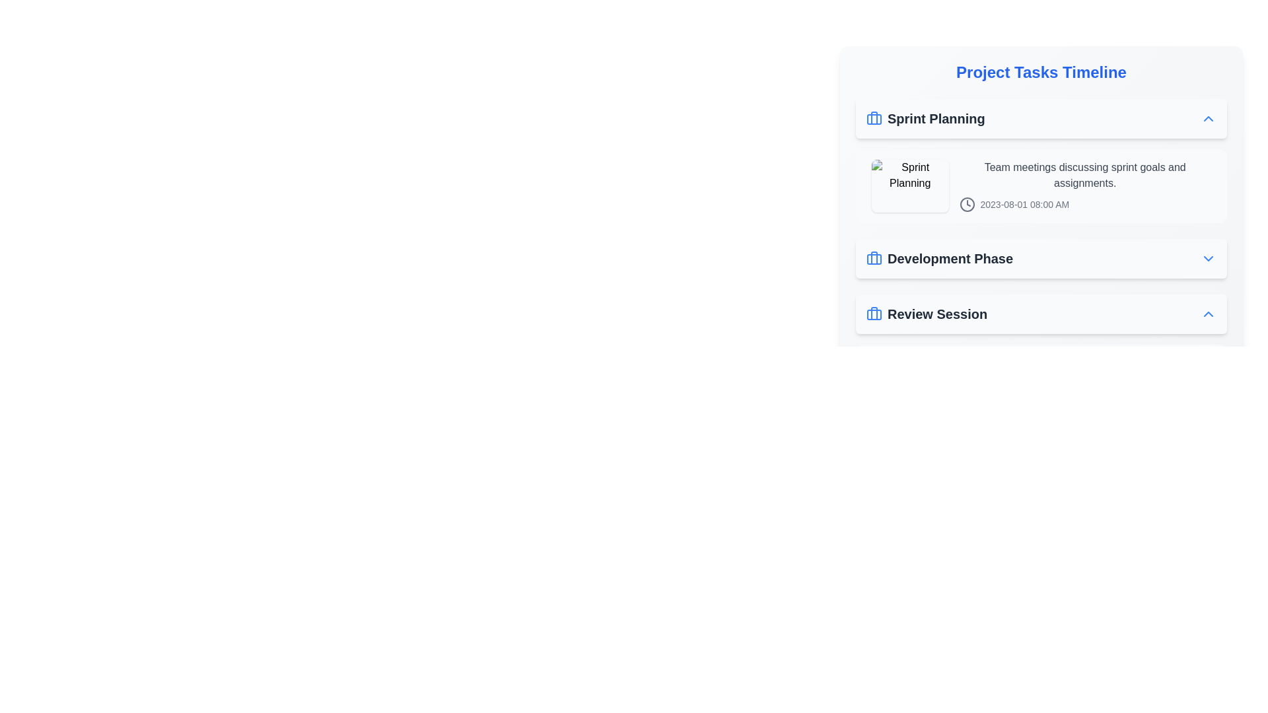 The width and height of the screenshot is (1268, 713). Describe the element at coordinates (909, 186) in the screenshot. I see `the decorative image representing the 'Sprint Planning' meeting, which is located in the first column of the grid layout, aligned with the meeting heading` at that location.